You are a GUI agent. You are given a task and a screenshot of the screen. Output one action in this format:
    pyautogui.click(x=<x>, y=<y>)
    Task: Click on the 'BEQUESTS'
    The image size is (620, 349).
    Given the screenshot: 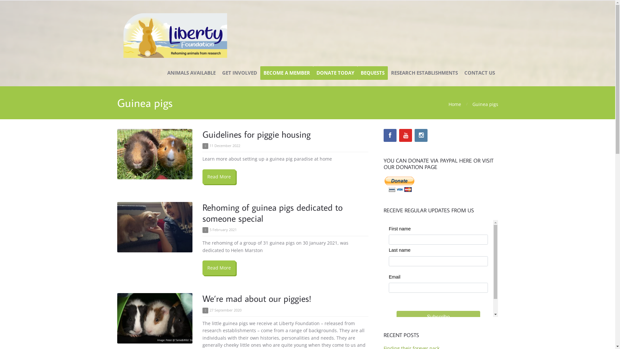 What is the action you would take?
    pyautogui.click(x=372, y=73)
    